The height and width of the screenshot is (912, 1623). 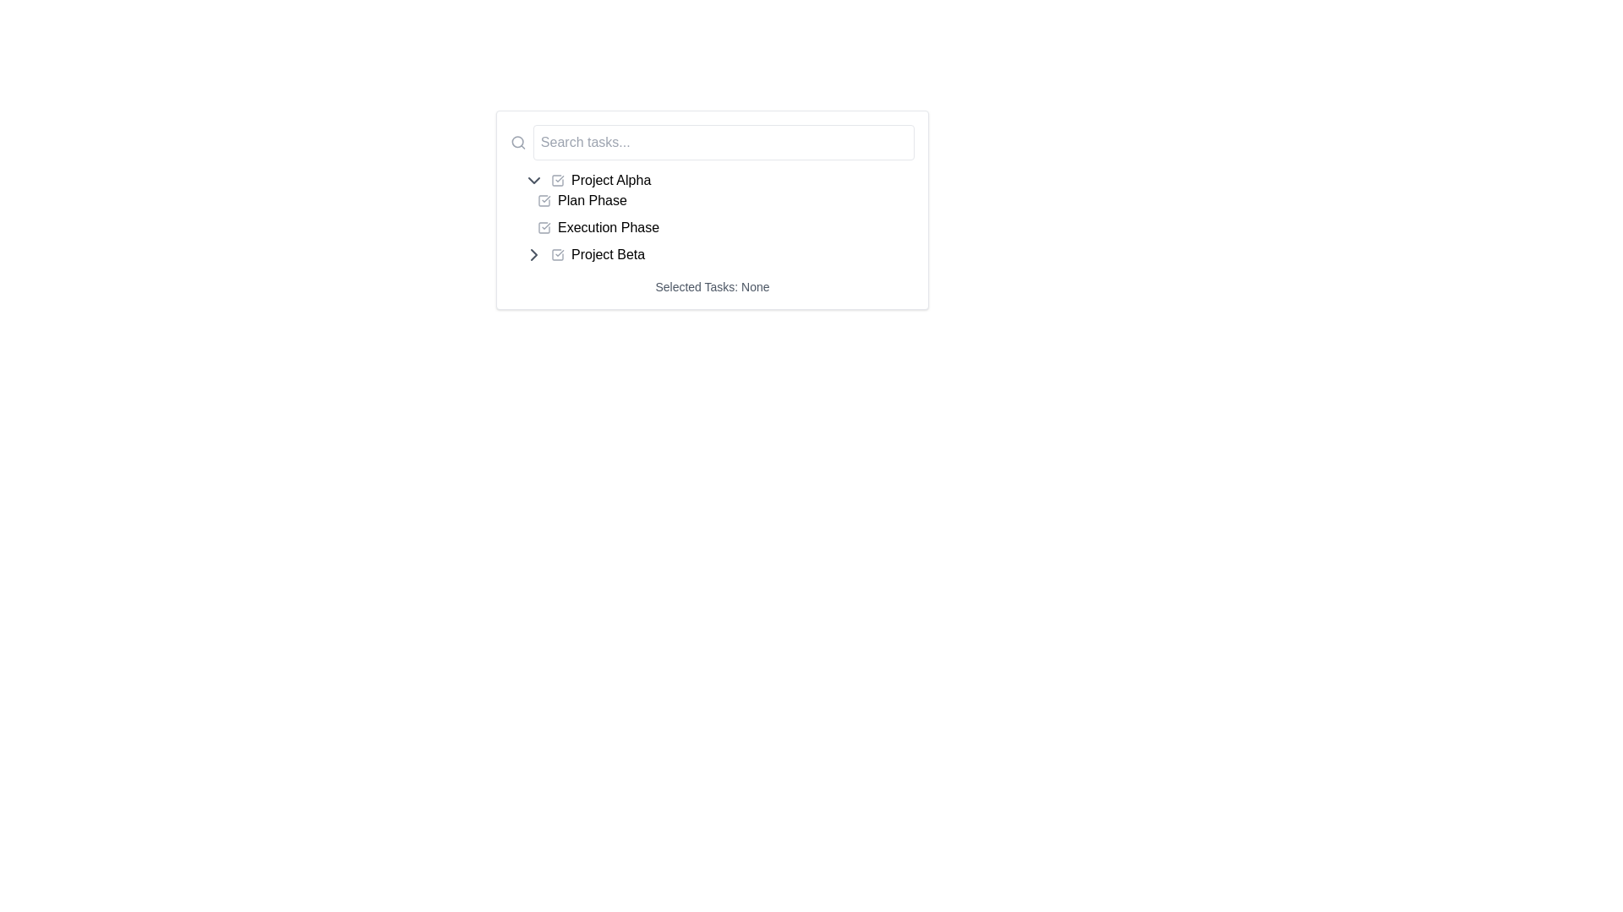 I want to click on the checkbox located to the left of the text 'Execution Phase', so click(x=544, y=228).